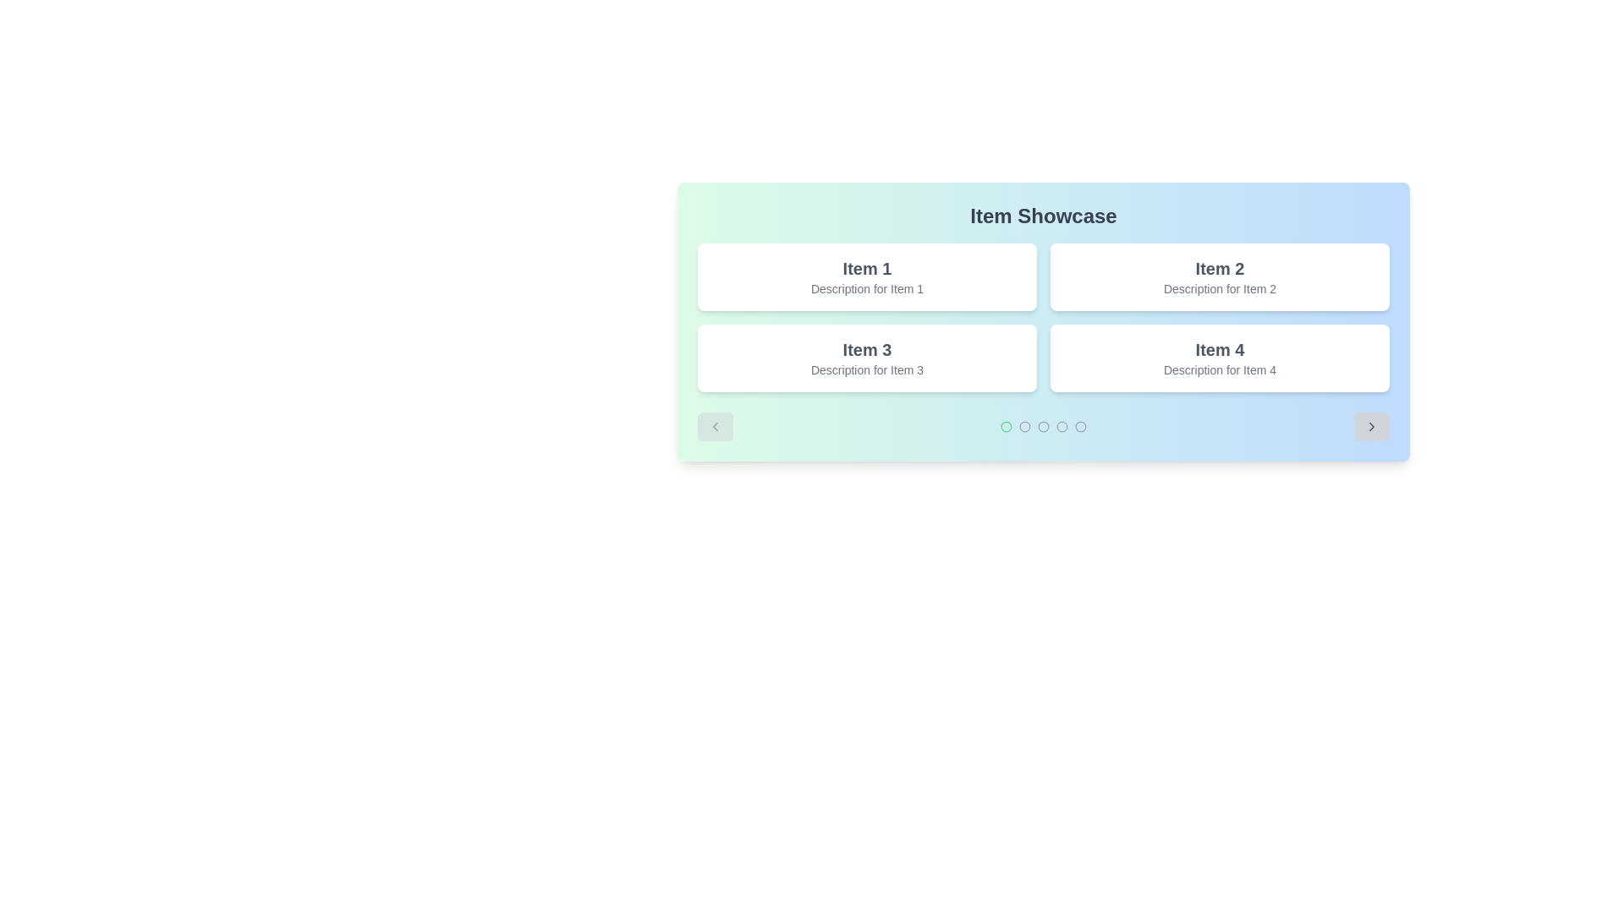 The width and height of the screenshot is (1624, 913). Describe the element at coordinates (867, 288) in the screenshot. I see `text label displaying 'Description for Item 1' which is located beneath the title 'Item 1' in the top left corner of the 'Item Showcase' section` at that location.